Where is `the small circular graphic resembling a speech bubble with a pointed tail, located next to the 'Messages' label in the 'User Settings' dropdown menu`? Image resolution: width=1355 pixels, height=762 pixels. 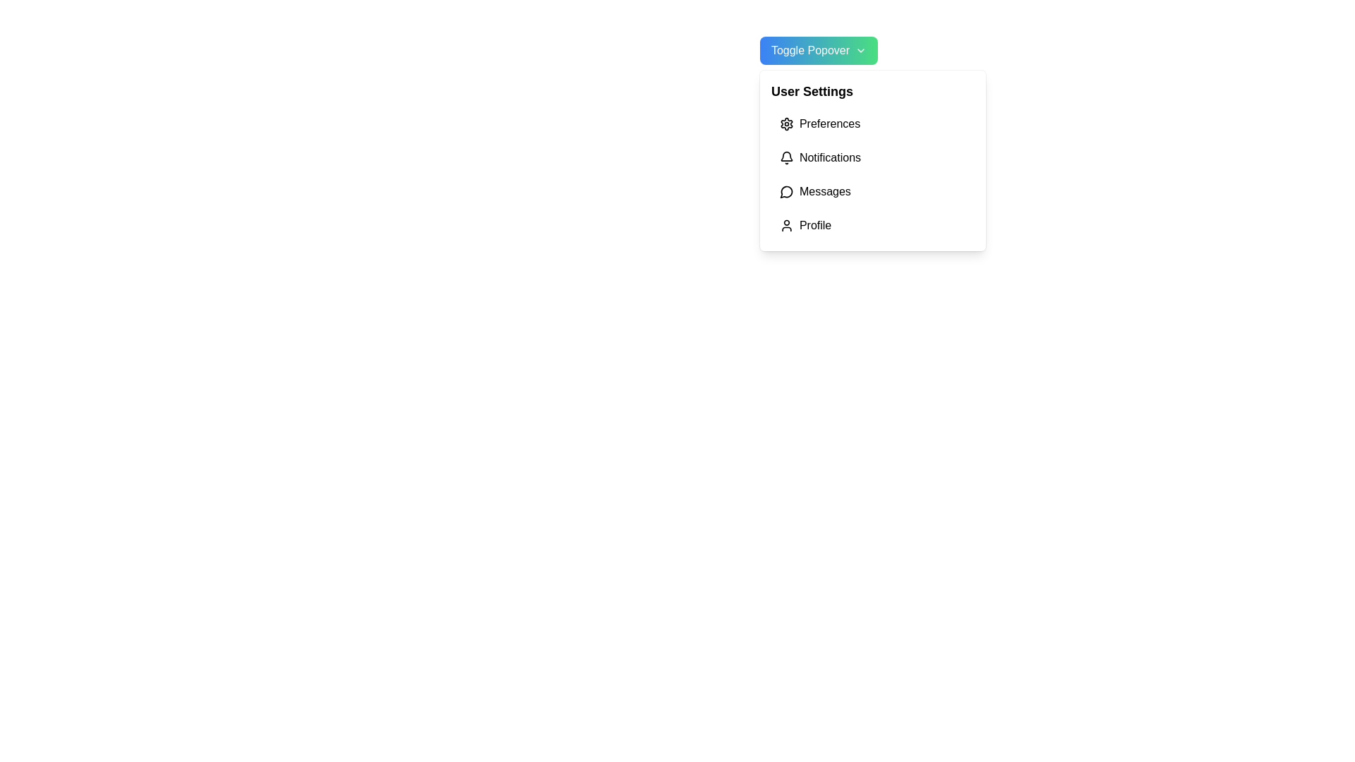 the small circular graphic resembling a speech bubble with a pointed tail, located next to the 'Messages' label in the 'User Settings' dropdown menu is located at coordinates (785, 192).